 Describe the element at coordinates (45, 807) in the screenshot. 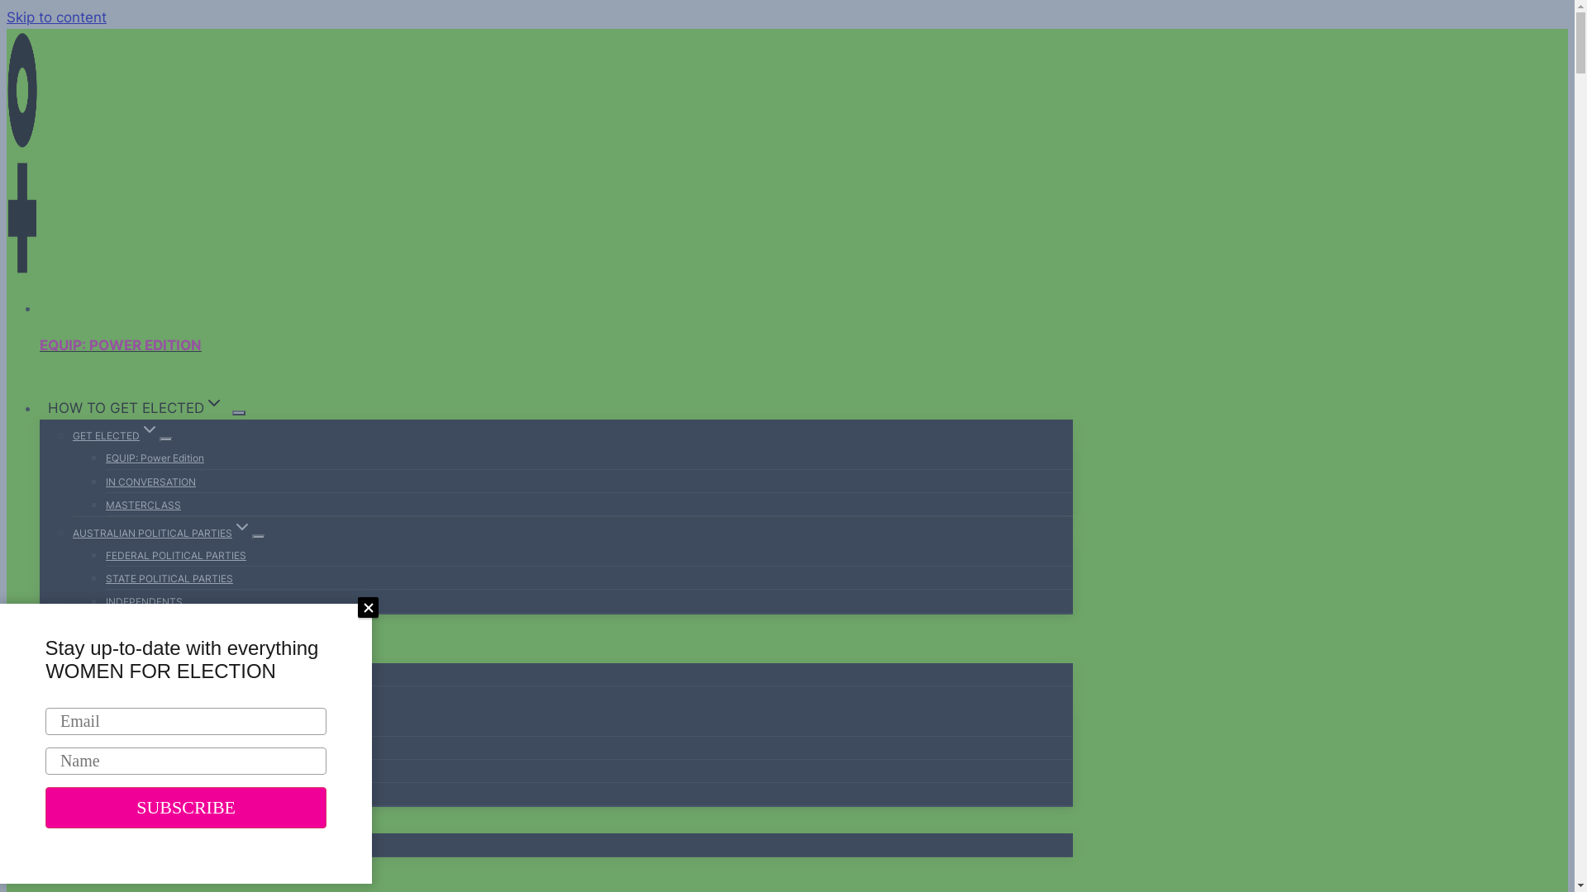

I see `'SUBSCRIBE'` at that location.